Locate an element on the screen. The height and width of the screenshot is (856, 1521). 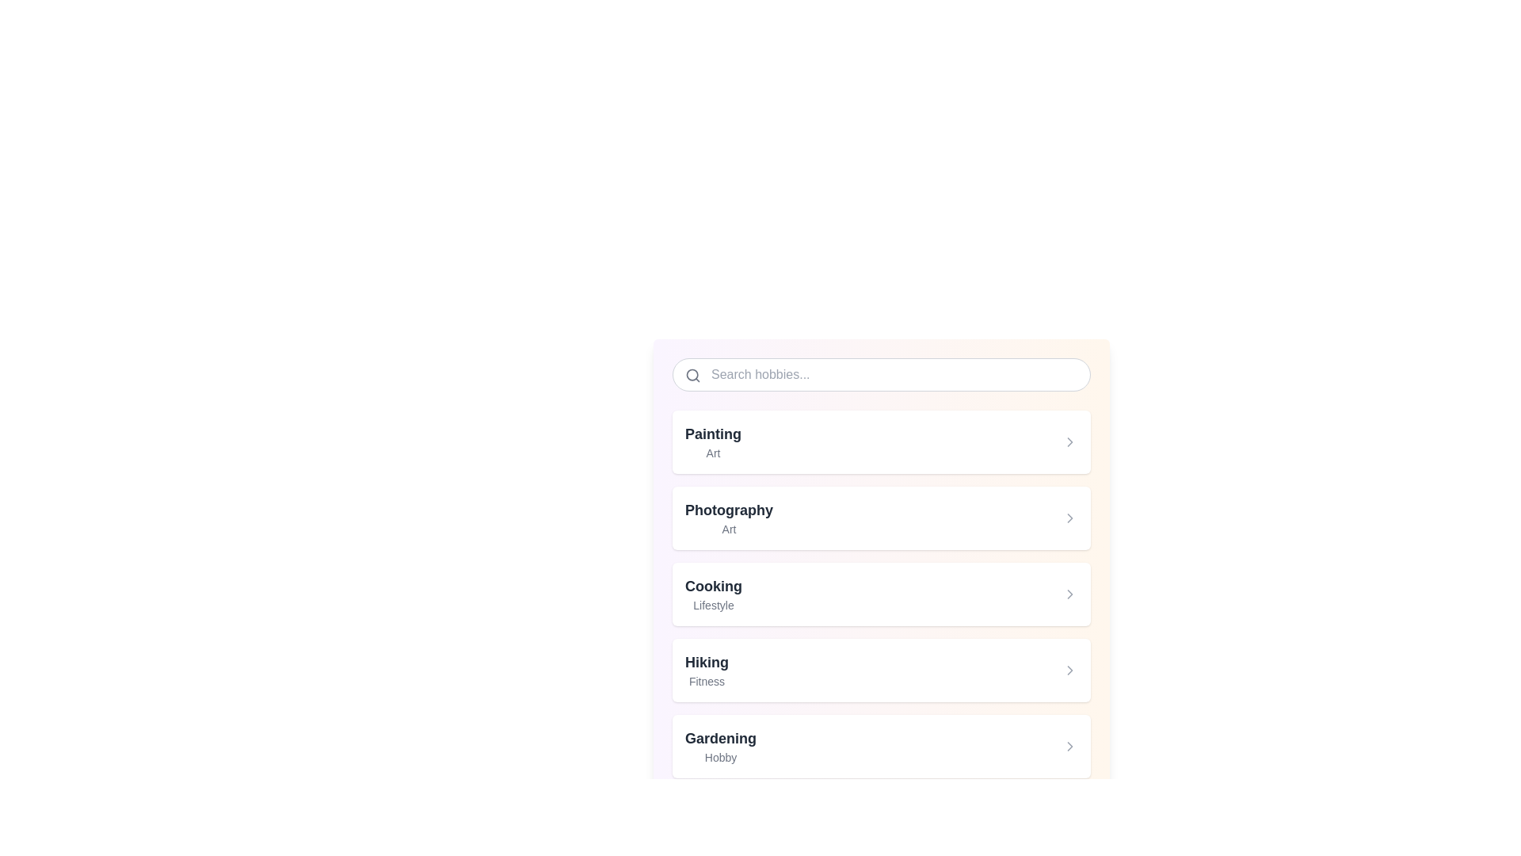
the text label categorizing the hobby 'Gardening', which is positioned directly below the larger title in the vertical list of hobbies is located at coordinates (720, 757).